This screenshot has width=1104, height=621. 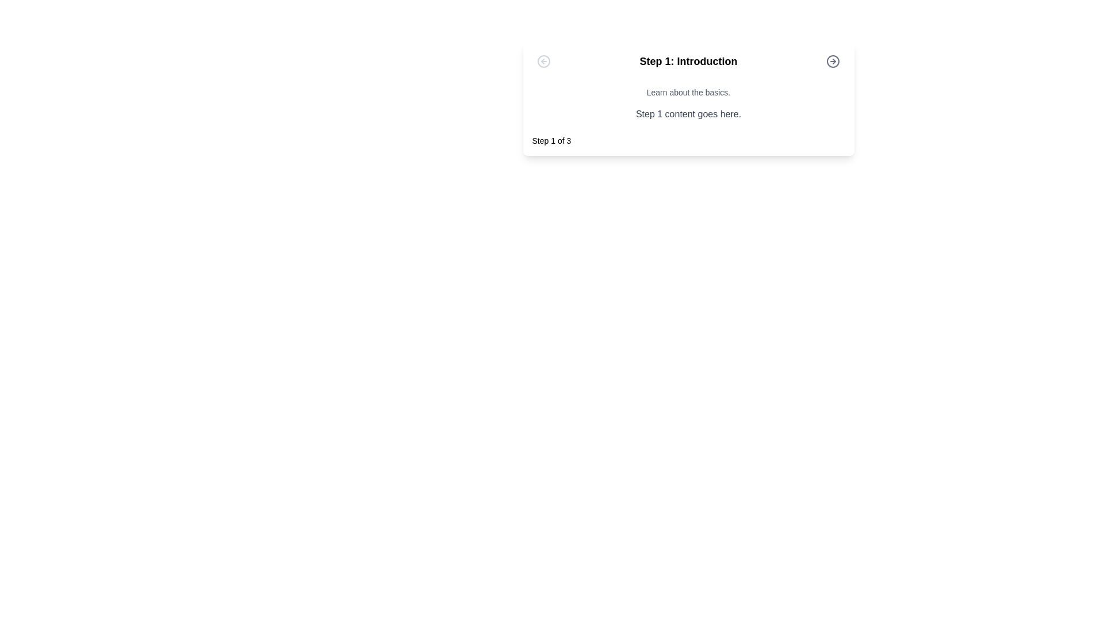 What do you see at coordinates (543, 62) in the screenshot?
I see `the navigational button located to the left of the title 'Step 1: Introduction'` at bounding box center [543, 62].